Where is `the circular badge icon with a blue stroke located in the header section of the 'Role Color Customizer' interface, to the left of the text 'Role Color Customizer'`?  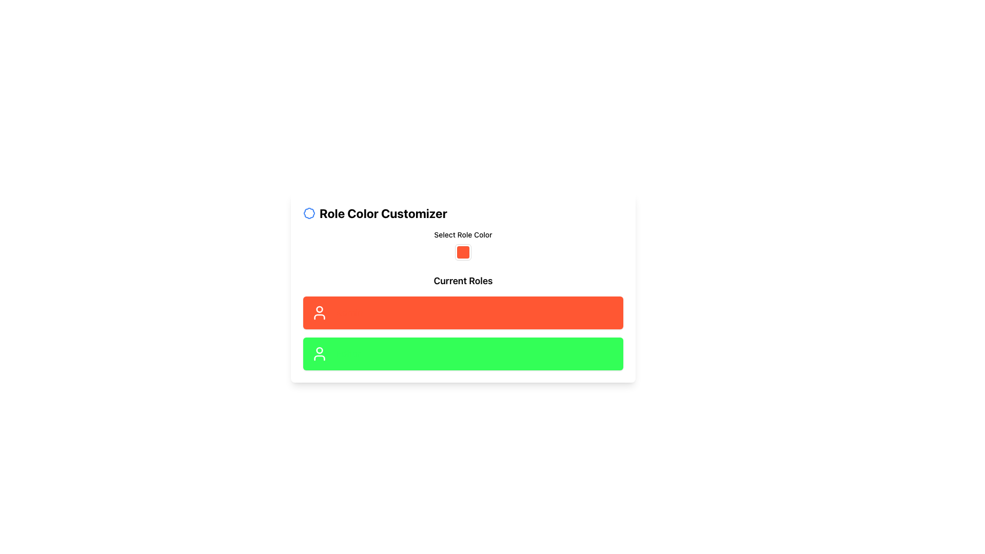 the circular badge icon with a blue stroke located in the header section of the 'Role Color Customizer' interface, to the left of the text 'Role Color Customizer' is located at coordinates (309, 213).